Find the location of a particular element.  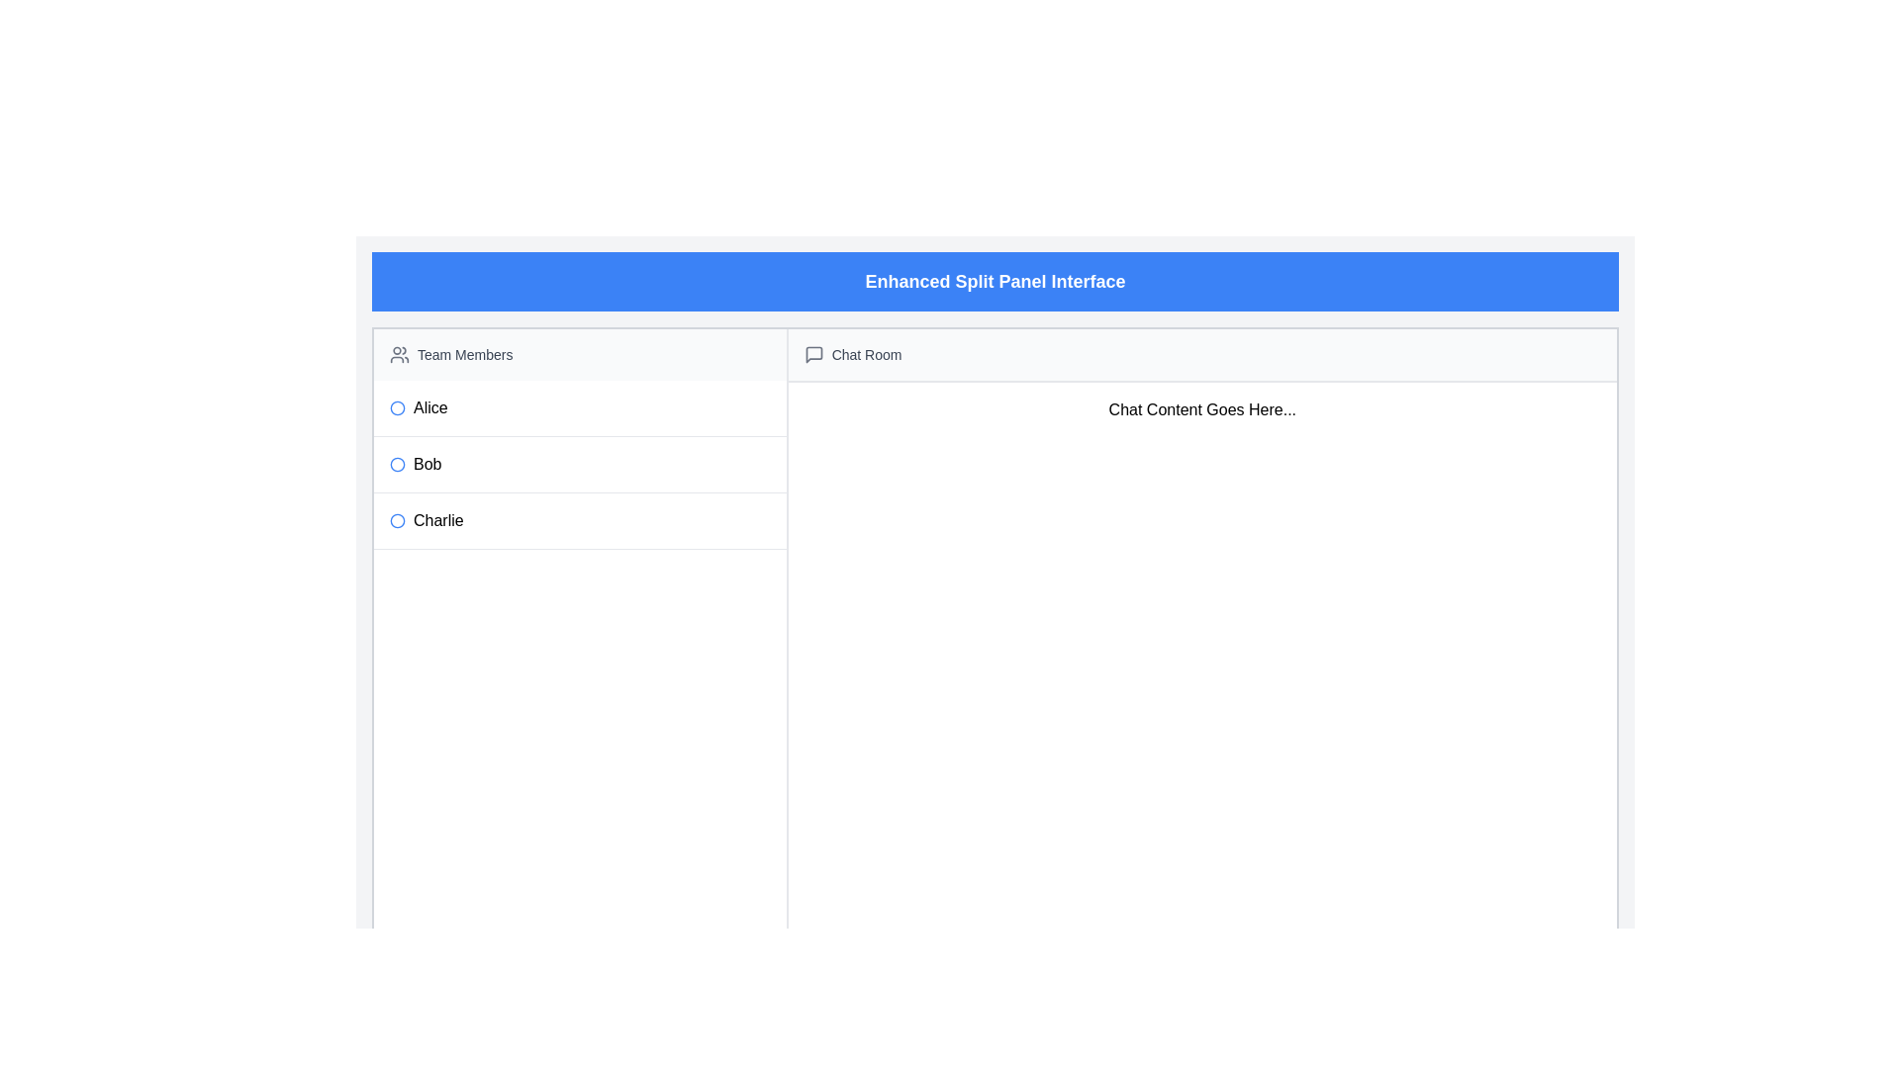

the blue circular icon preceding the name 'Alice' in the first item of the vertical list of team members on the left panel is located at coordinates (397, 406).